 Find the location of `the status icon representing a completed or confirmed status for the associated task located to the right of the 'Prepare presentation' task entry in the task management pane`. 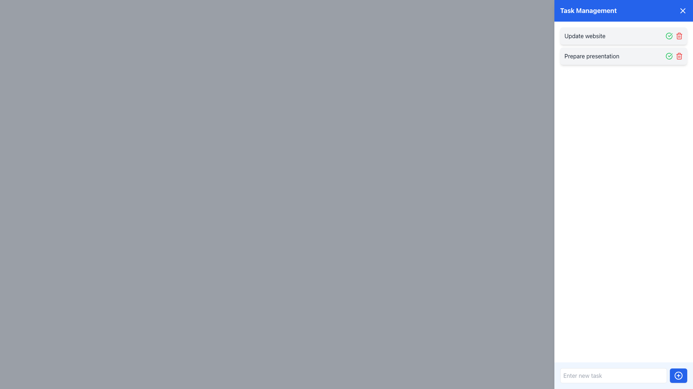

the status icon representing a completed or confirmed status for the associated task located to the right of the 'Prepare presentation' task entry in the task management pane is located at coordinates (668, 36).